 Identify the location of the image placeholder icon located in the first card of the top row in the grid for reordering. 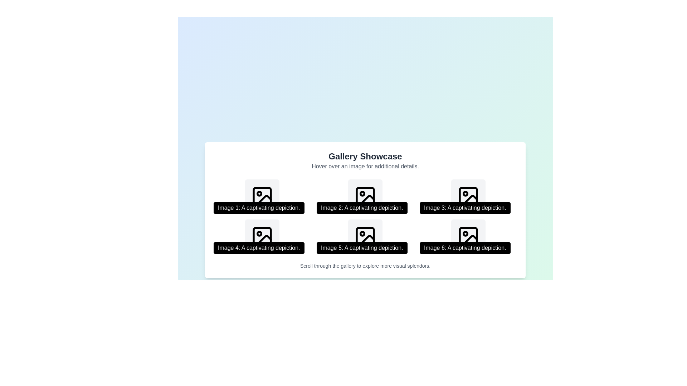
(262, 197).